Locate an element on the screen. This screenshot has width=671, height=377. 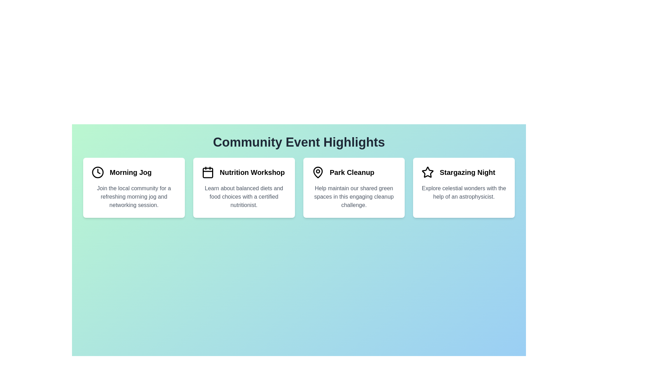
the text block that reads 'Help maintain our shared green spaces in this engaging cleanup challenge.' which is styled in a smaller gray font and located beneath the title 'Park Cleanup' in the center of the third card layout is located at coordinates (354, 197).